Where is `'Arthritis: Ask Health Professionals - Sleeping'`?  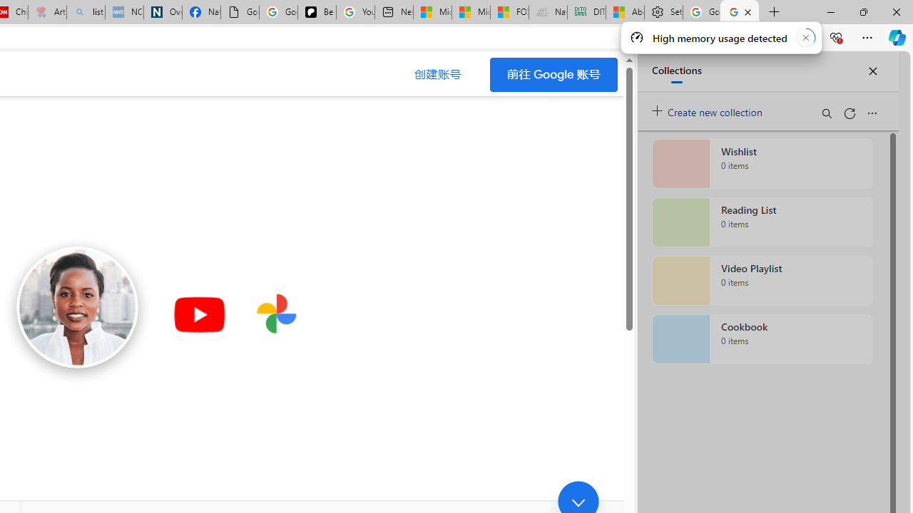
'Arthritis: Ask Health Professionals - Sleeping' is located at coordinates (47, 12).